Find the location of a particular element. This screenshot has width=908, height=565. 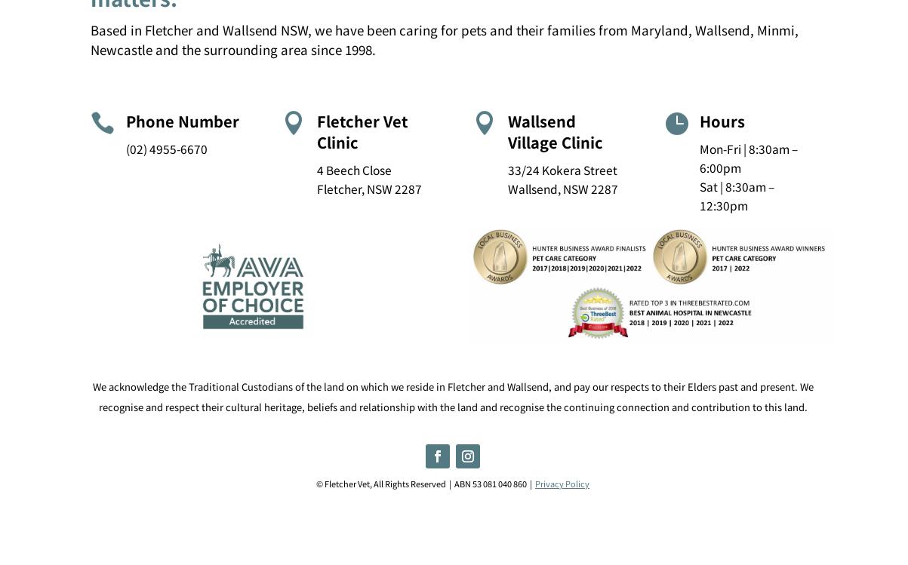

'Mon-Fri | 8:30am – 6:00pm' is located at coordinates (697, 156).